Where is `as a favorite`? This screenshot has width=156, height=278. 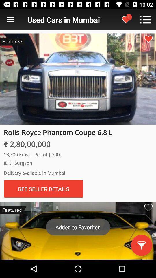
as a favorite is located at coordinates (148, 207).